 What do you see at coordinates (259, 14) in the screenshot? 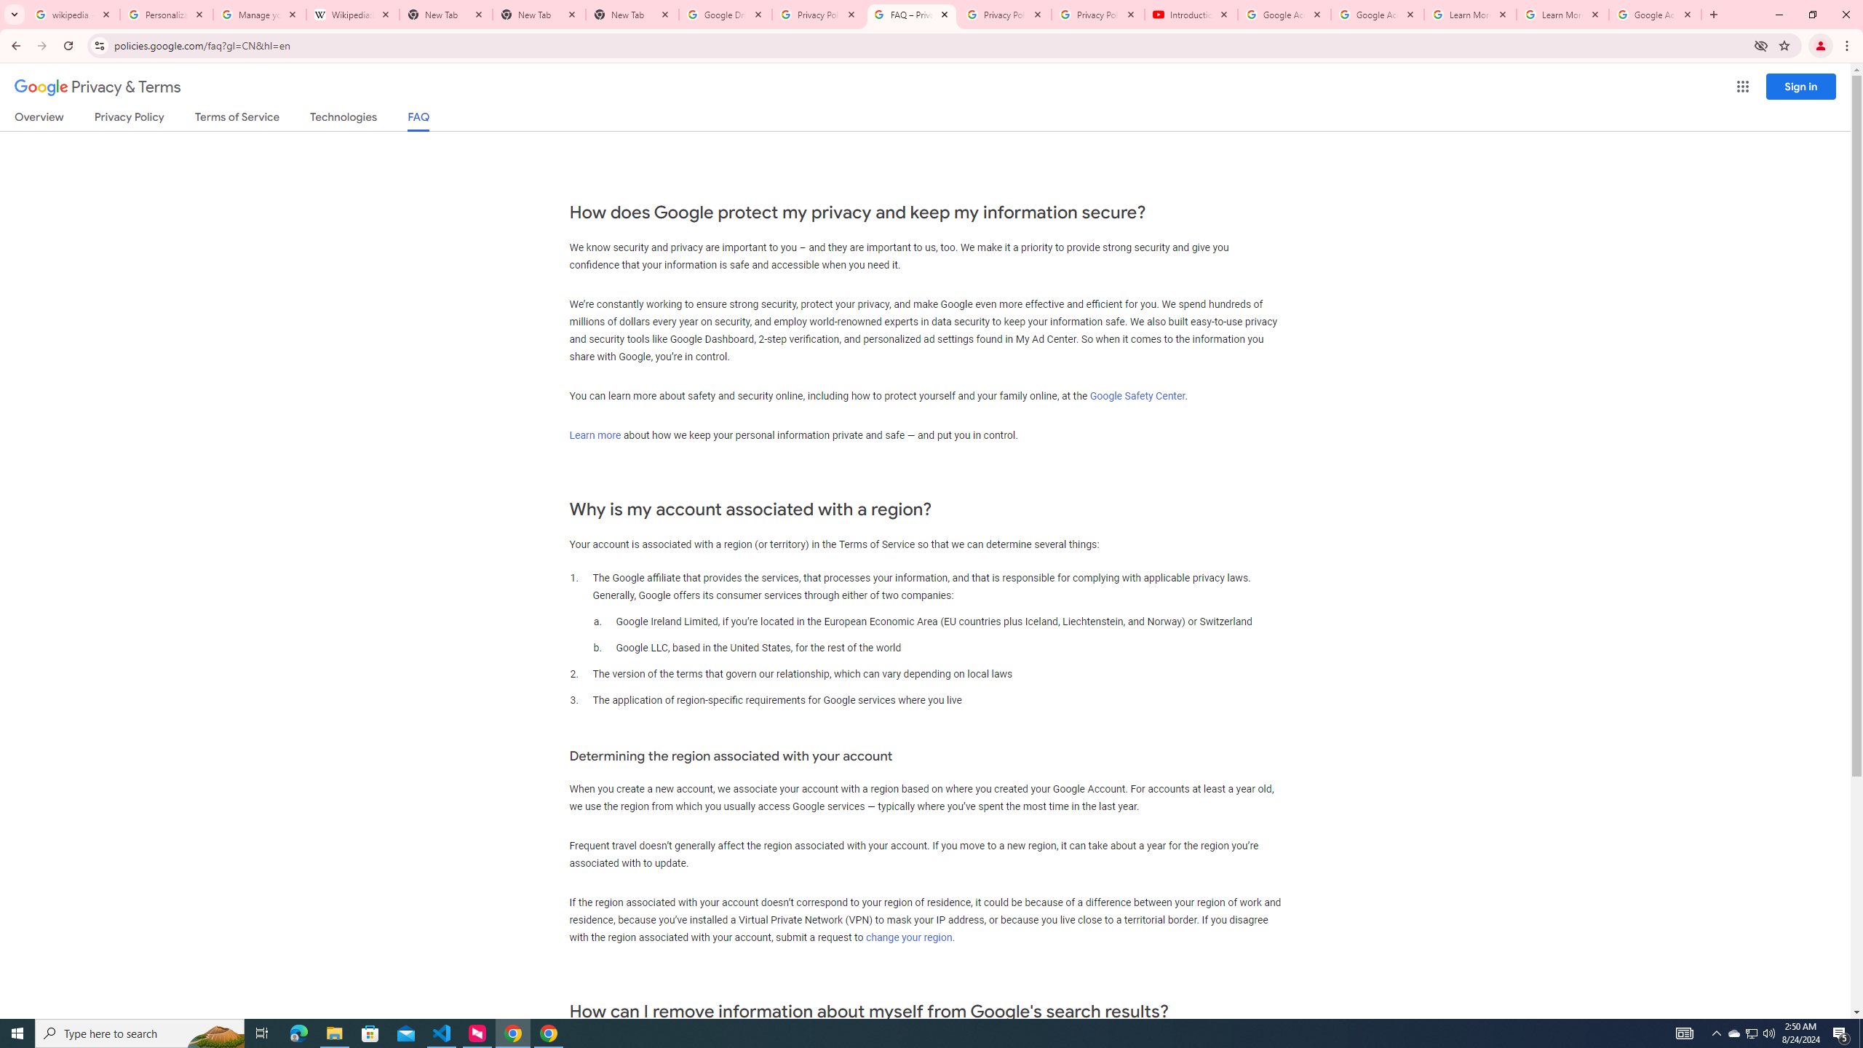
I see `'Manage your Location History - Google Search Help'` at bounding box center [259, 14].